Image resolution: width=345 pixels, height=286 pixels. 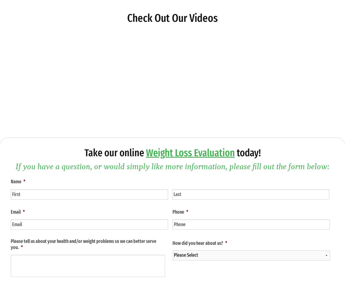 I want to click on 'Name', so click(x=16, y=182).